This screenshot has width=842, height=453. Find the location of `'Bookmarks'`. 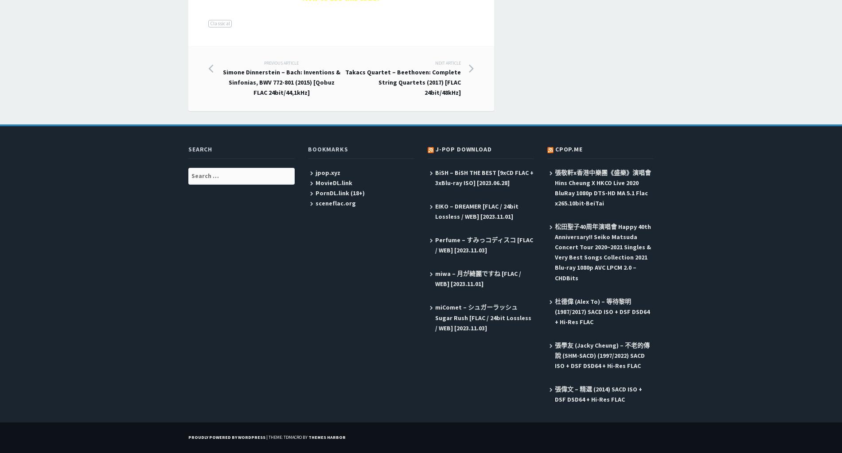

'Bookmarks' is located at coordinates (327, 149).